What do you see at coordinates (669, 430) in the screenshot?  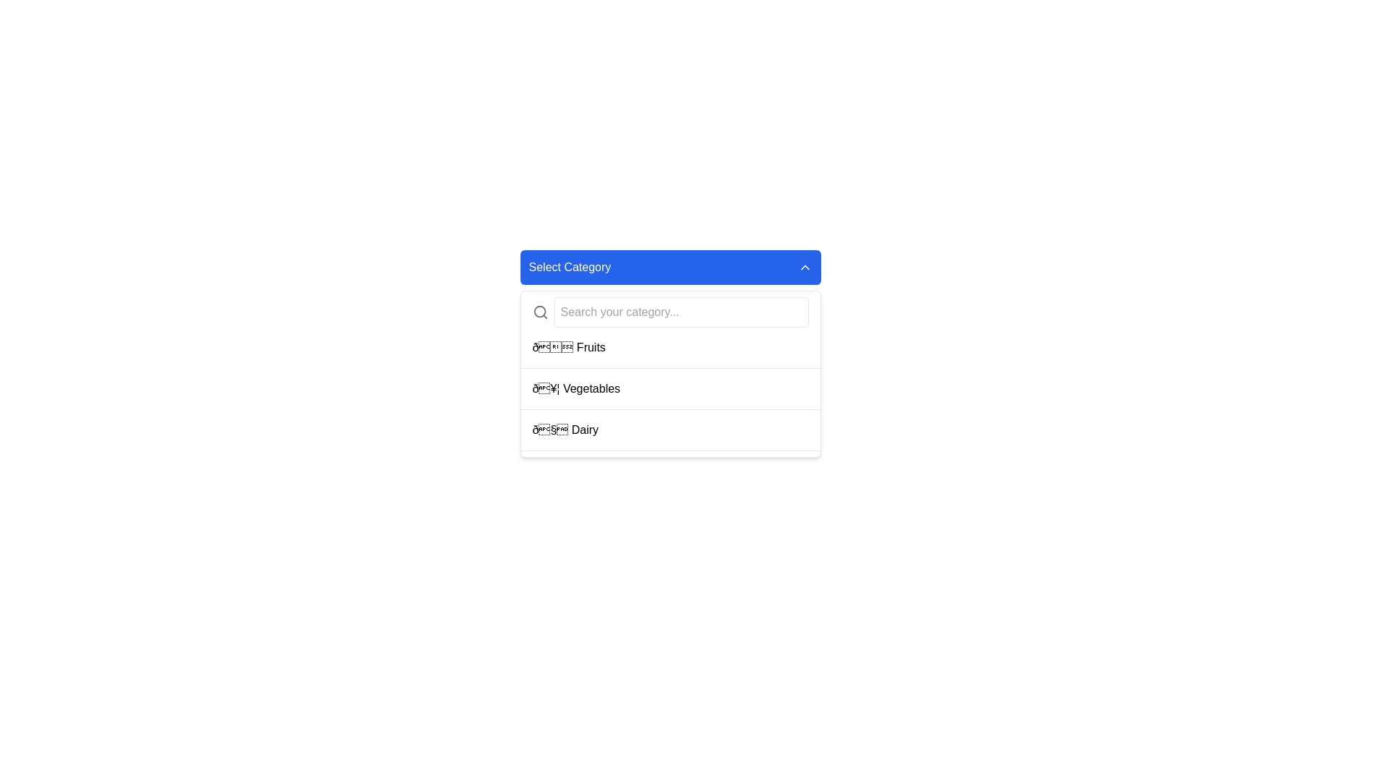 I see `the selectable list item labeled '🧀 Dairy'` at bounding box center [669, 430].